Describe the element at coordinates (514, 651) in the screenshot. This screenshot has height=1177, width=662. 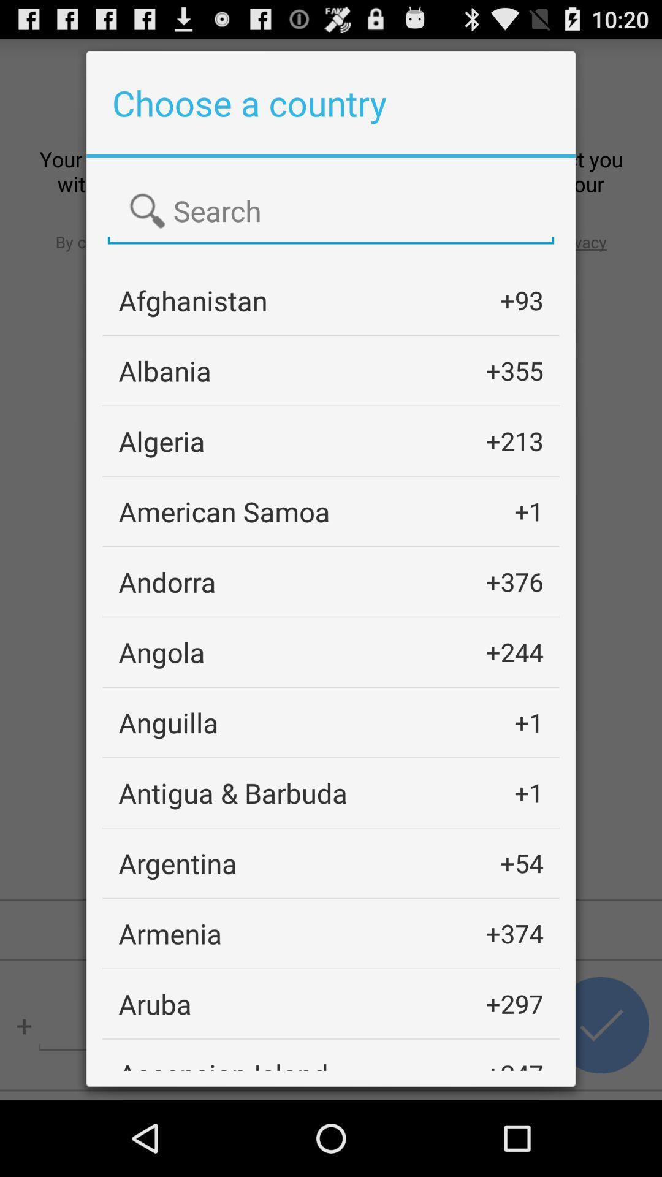
I see `the +244 item` at that location.